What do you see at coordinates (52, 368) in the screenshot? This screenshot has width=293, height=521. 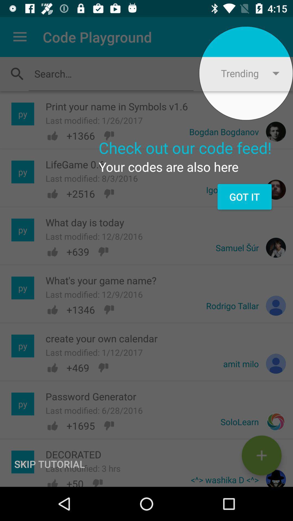 I see `the like button shown left to 469` at bounding box center [52, 368].